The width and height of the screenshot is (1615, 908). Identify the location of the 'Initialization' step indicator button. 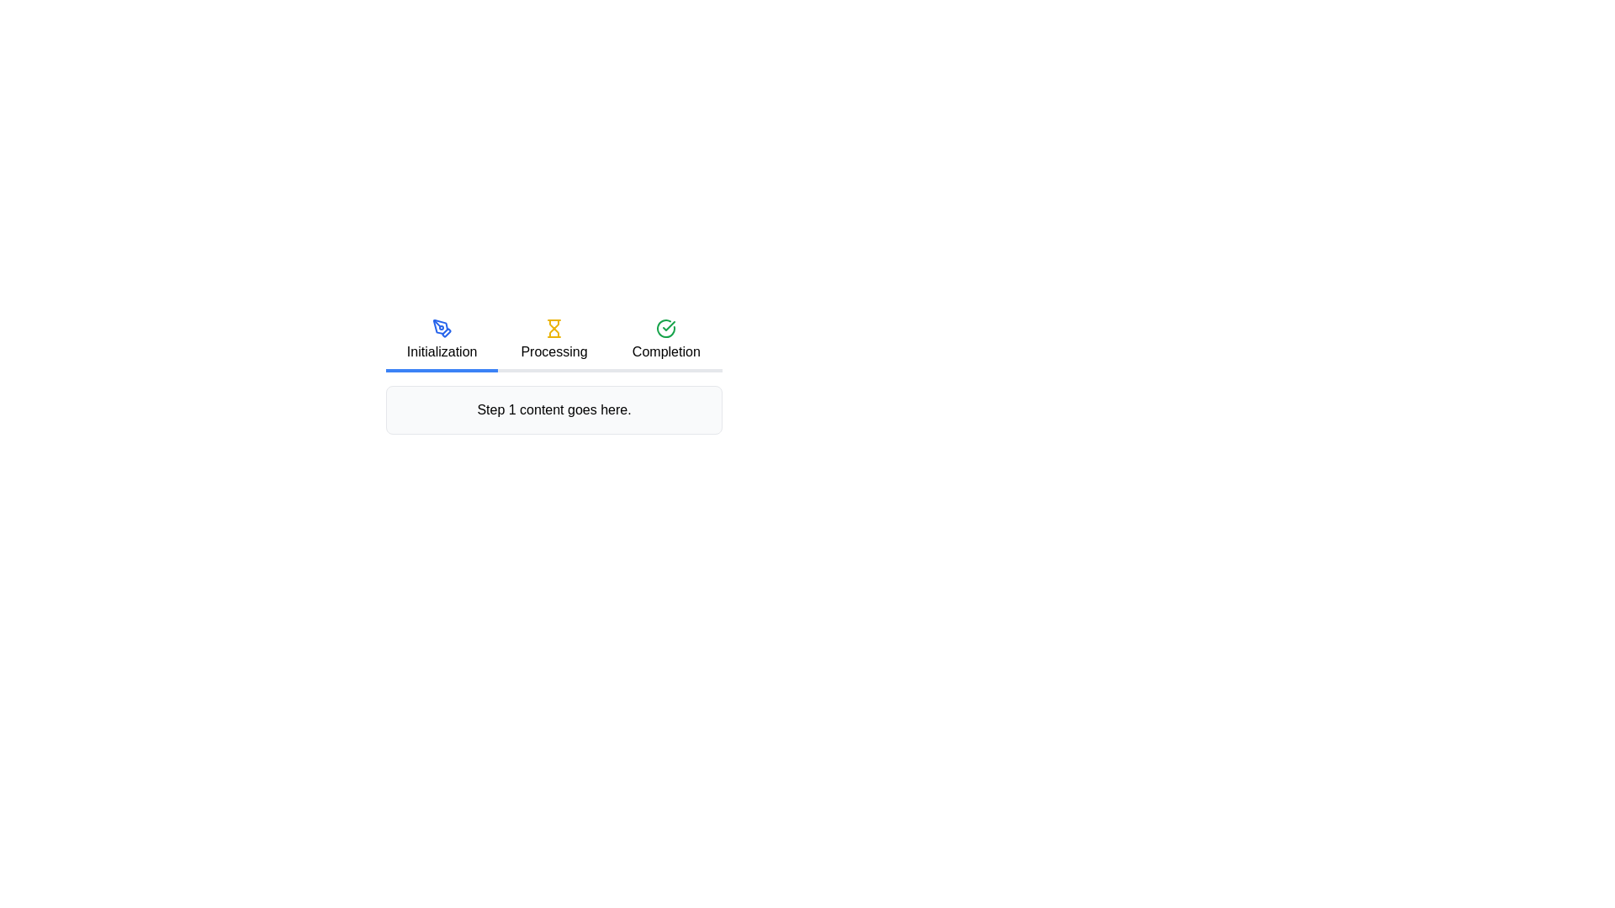
(442, 341).